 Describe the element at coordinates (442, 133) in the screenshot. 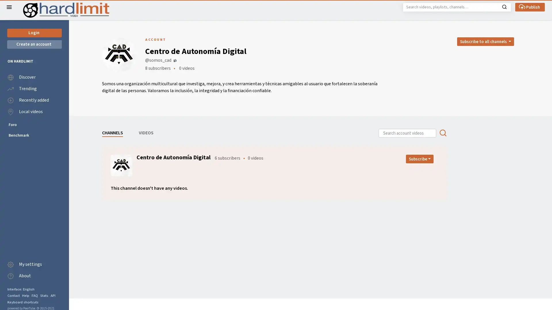

I see `Search` at that location.